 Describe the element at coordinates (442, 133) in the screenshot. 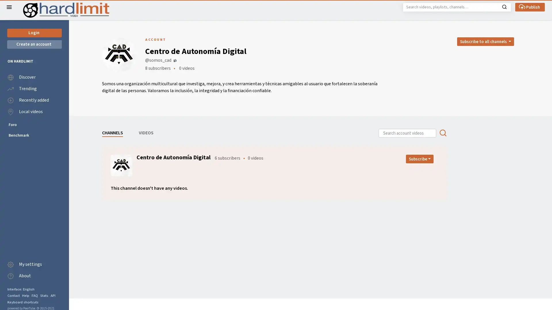

I see `Search` at that location.